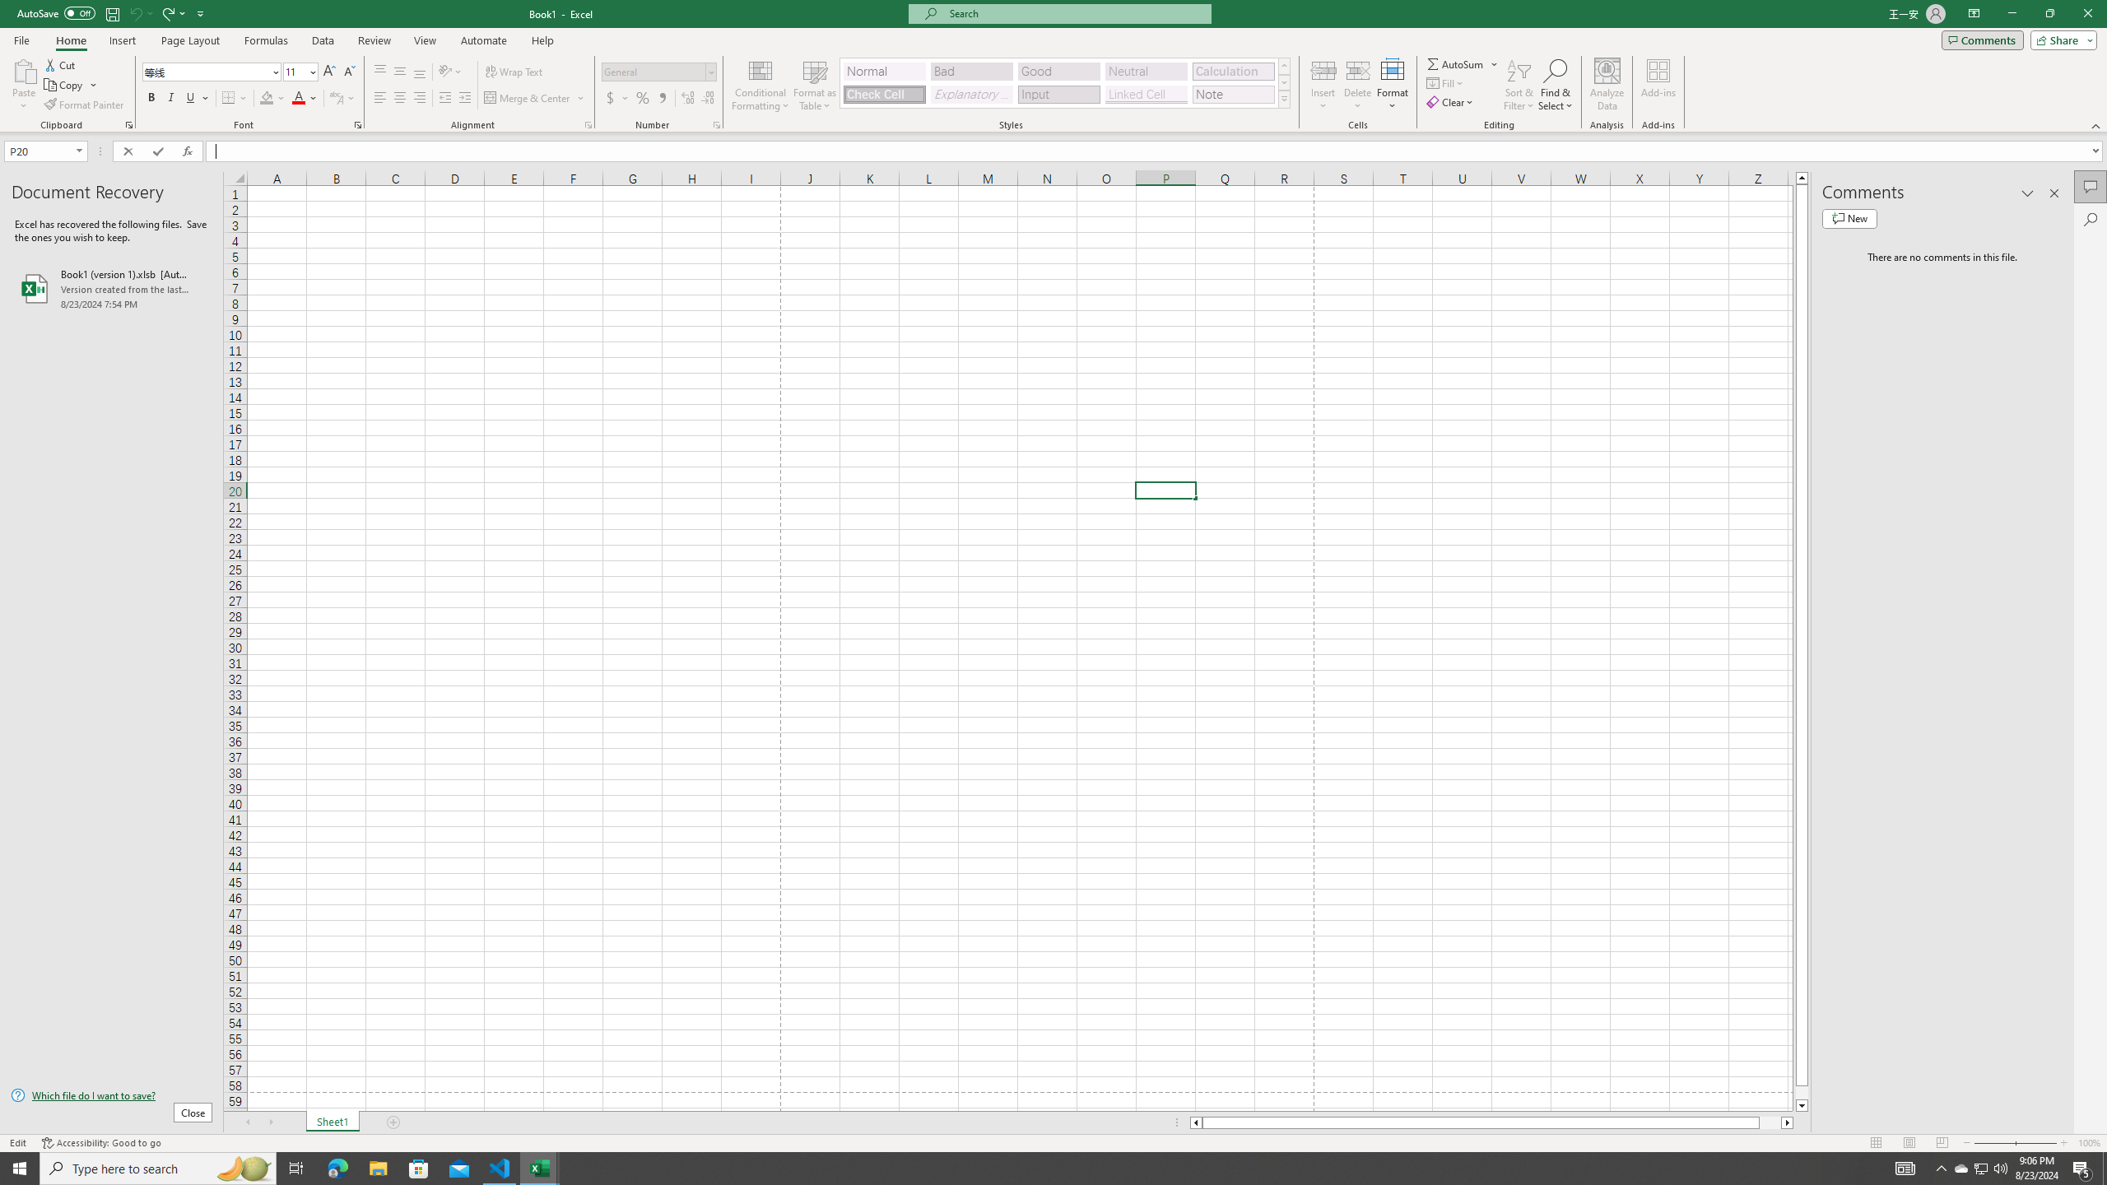 Image resolution: width=2107 pixels, height=1185 pixels. Describe the element at coordinates (128, 123) in the screenshot. I see `'Office Clipboard...'` at that location.